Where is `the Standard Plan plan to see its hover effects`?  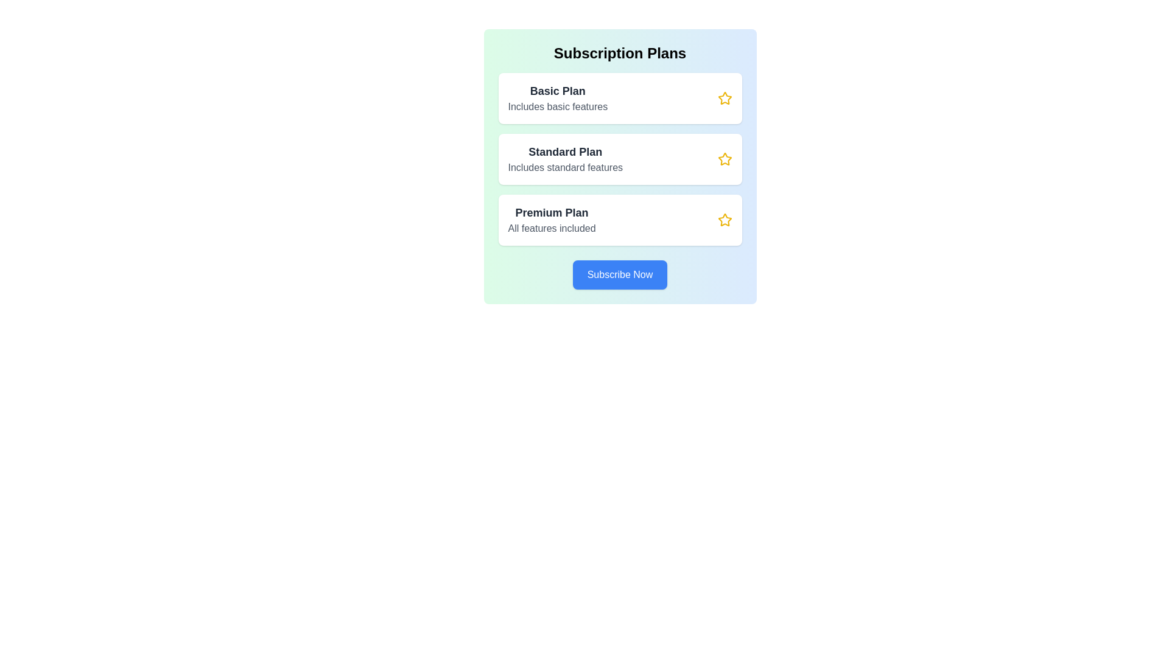
the Standard Plan plan to see its hover effects is located at coordinates (620, 159).